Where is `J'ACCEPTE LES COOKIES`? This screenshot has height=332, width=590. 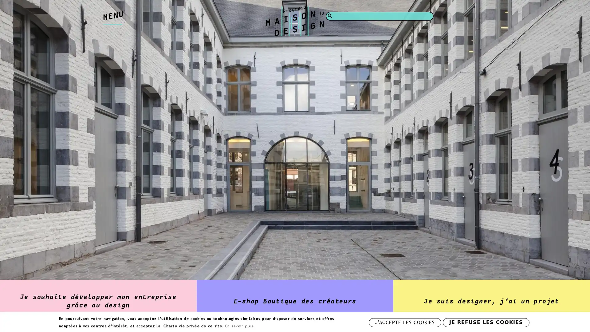 J'ACCEPTE LES COOKIES is located at coordinates (405, 322).